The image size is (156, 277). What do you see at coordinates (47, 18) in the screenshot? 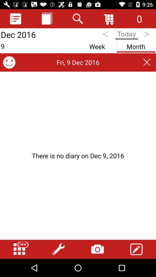
I see `icon next to dec 2016 icon` at bounding box center [47, 18].